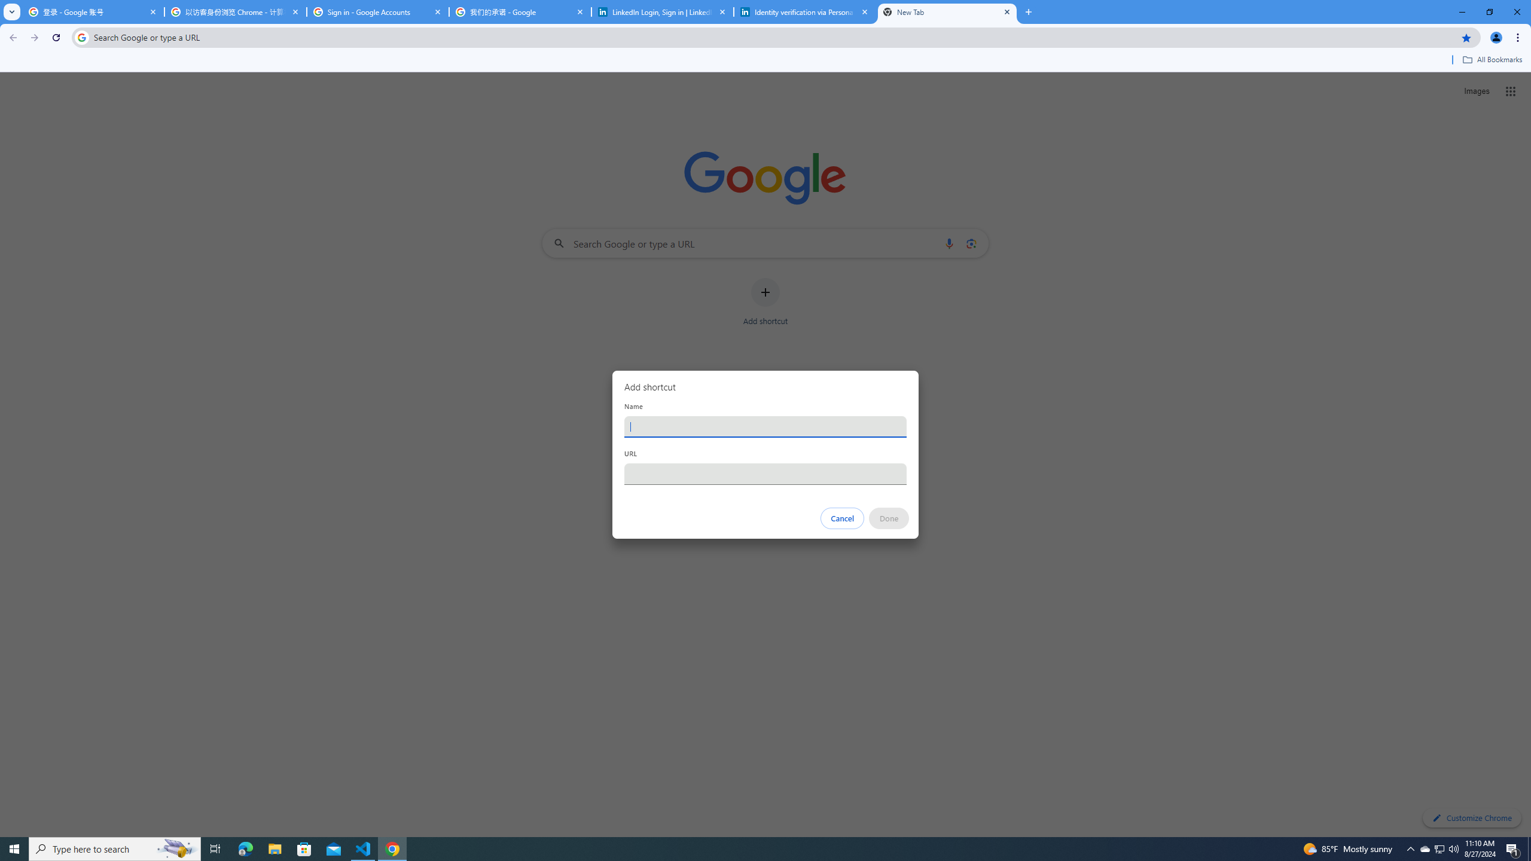 This screenshot has width=1531, height=861. What do you see at coordinates (843, 518) in the screenshot?
I see `'Cancel'` at bounding box center [843, 518].